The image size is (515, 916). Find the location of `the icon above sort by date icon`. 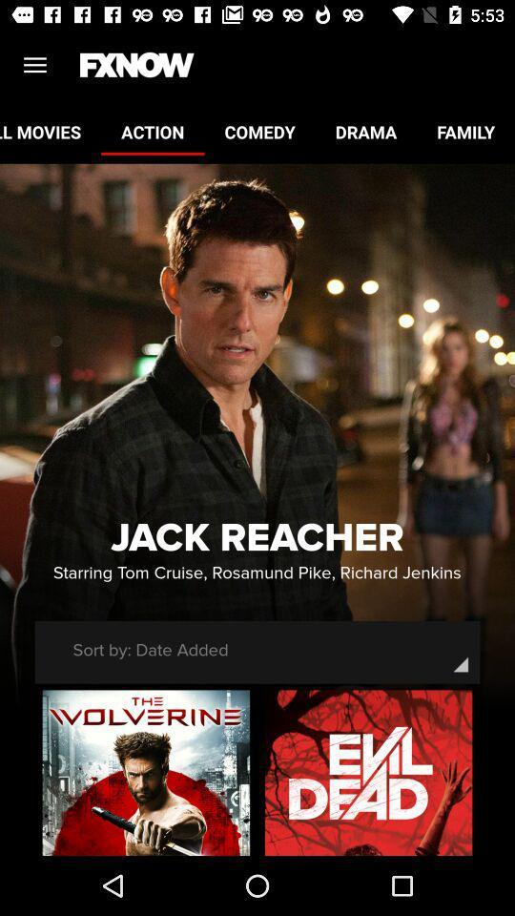

the icon above sort by date icon is located at coordinates (257, 572).